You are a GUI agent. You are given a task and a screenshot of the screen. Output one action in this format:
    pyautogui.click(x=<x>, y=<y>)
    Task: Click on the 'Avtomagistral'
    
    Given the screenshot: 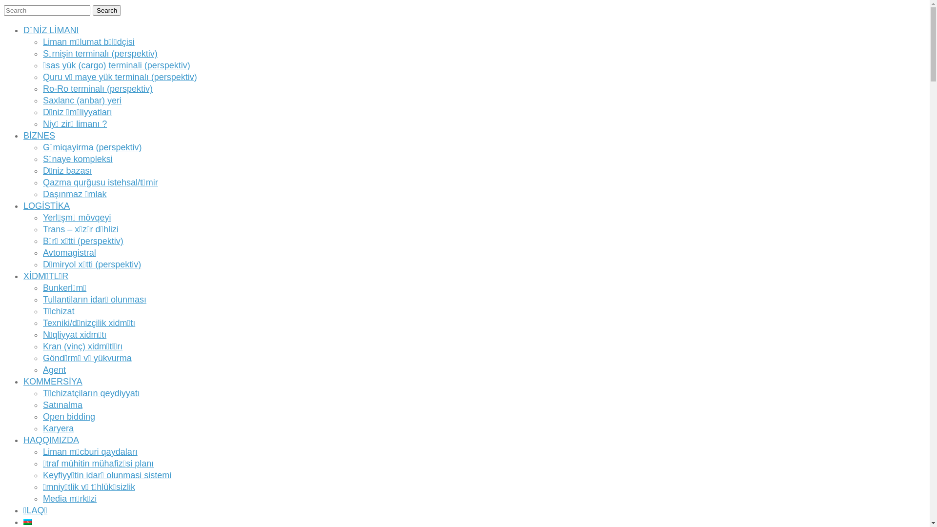 What is the action you would take?
    pyautogui.click(x=69, y=252)
    